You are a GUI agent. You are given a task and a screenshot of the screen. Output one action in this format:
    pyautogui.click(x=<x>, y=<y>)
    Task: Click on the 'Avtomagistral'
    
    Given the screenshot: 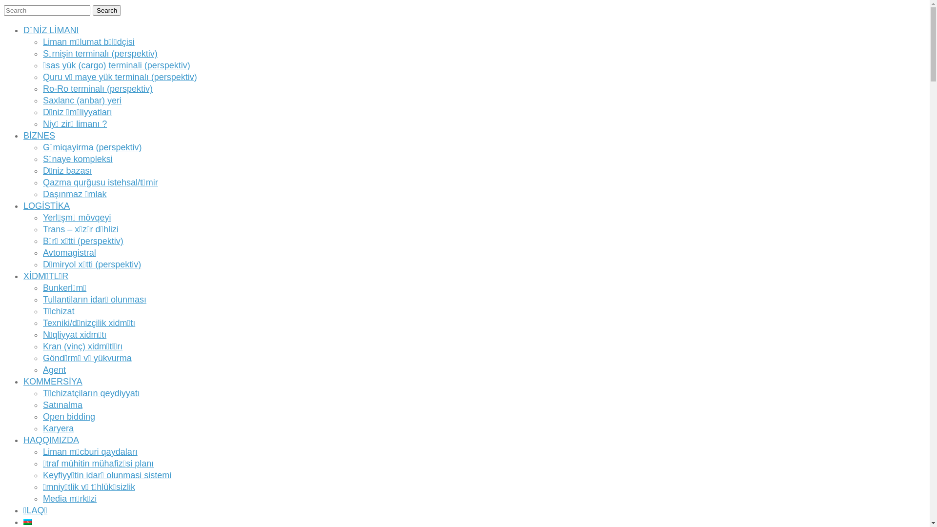 What is the action you would take?
    pyautogui.click(x=69, y=252)
    